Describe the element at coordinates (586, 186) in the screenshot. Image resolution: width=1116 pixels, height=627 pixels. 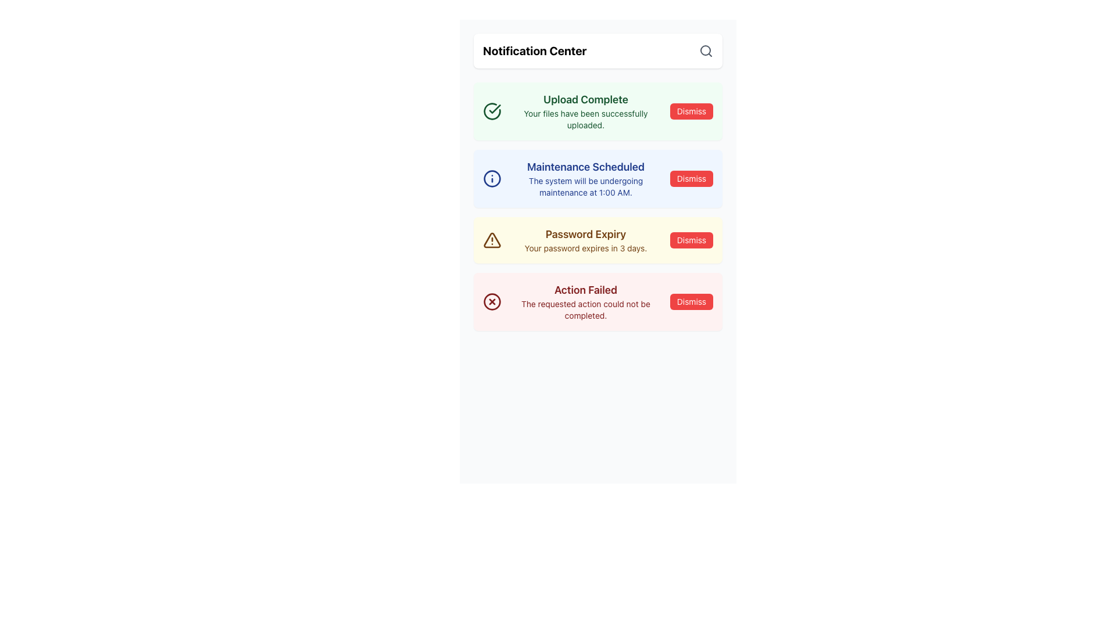
I see `the text label that conveys detailed information regarding scheduled maintenance within the 'Maintenance Scheduled' notification card located in the Notification Center` at that location.